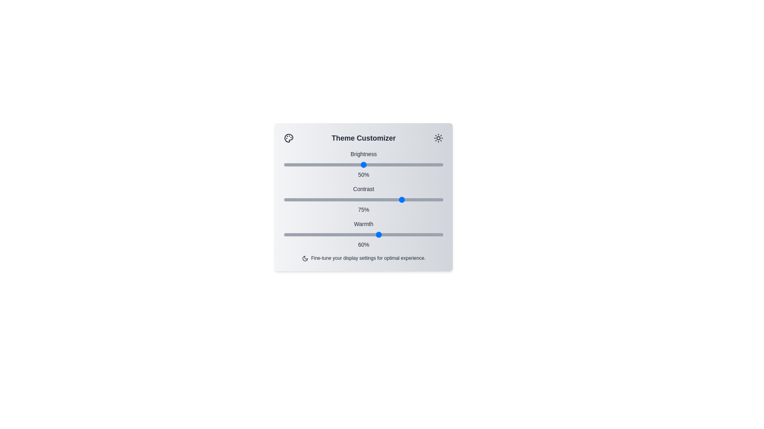 The image size is (764, 429). Describe the element at coordinates (363, 199) in the screenshot. I see `the slider for contrast` at that location.